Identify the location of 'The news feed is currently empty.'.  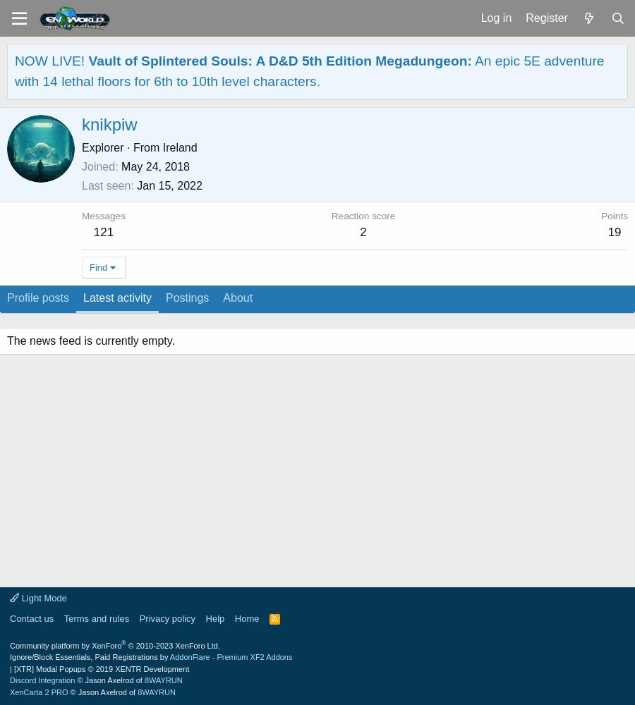
(90, 340).